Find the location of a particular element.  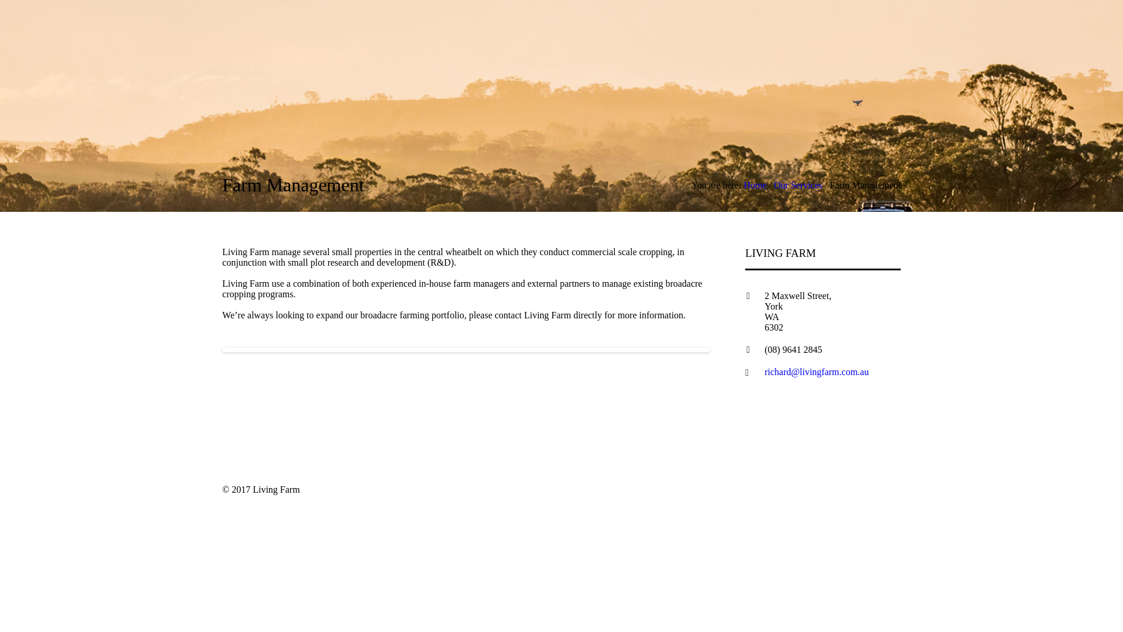

'richard@livingfarm.com.au' is located at coordinates (764, 372).